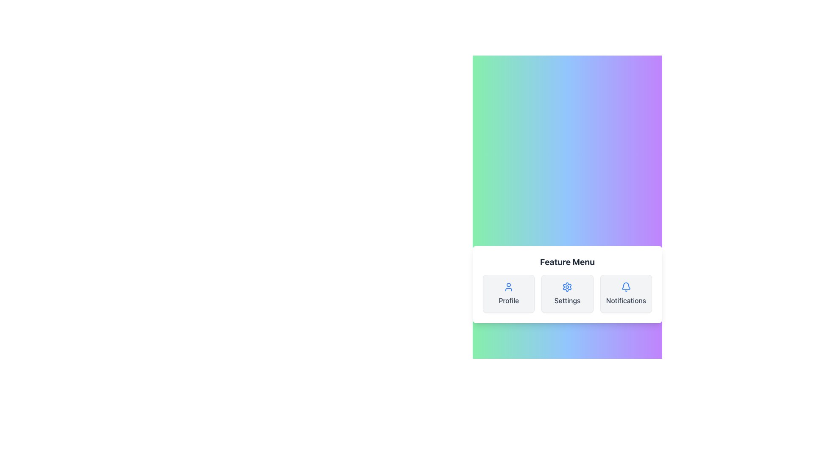 Image resolution: width=814 pixels, height=458 pixels. I want to click on the 'Notifications' button located in the bottom-right corner of the grid layout, so click(626, 293).